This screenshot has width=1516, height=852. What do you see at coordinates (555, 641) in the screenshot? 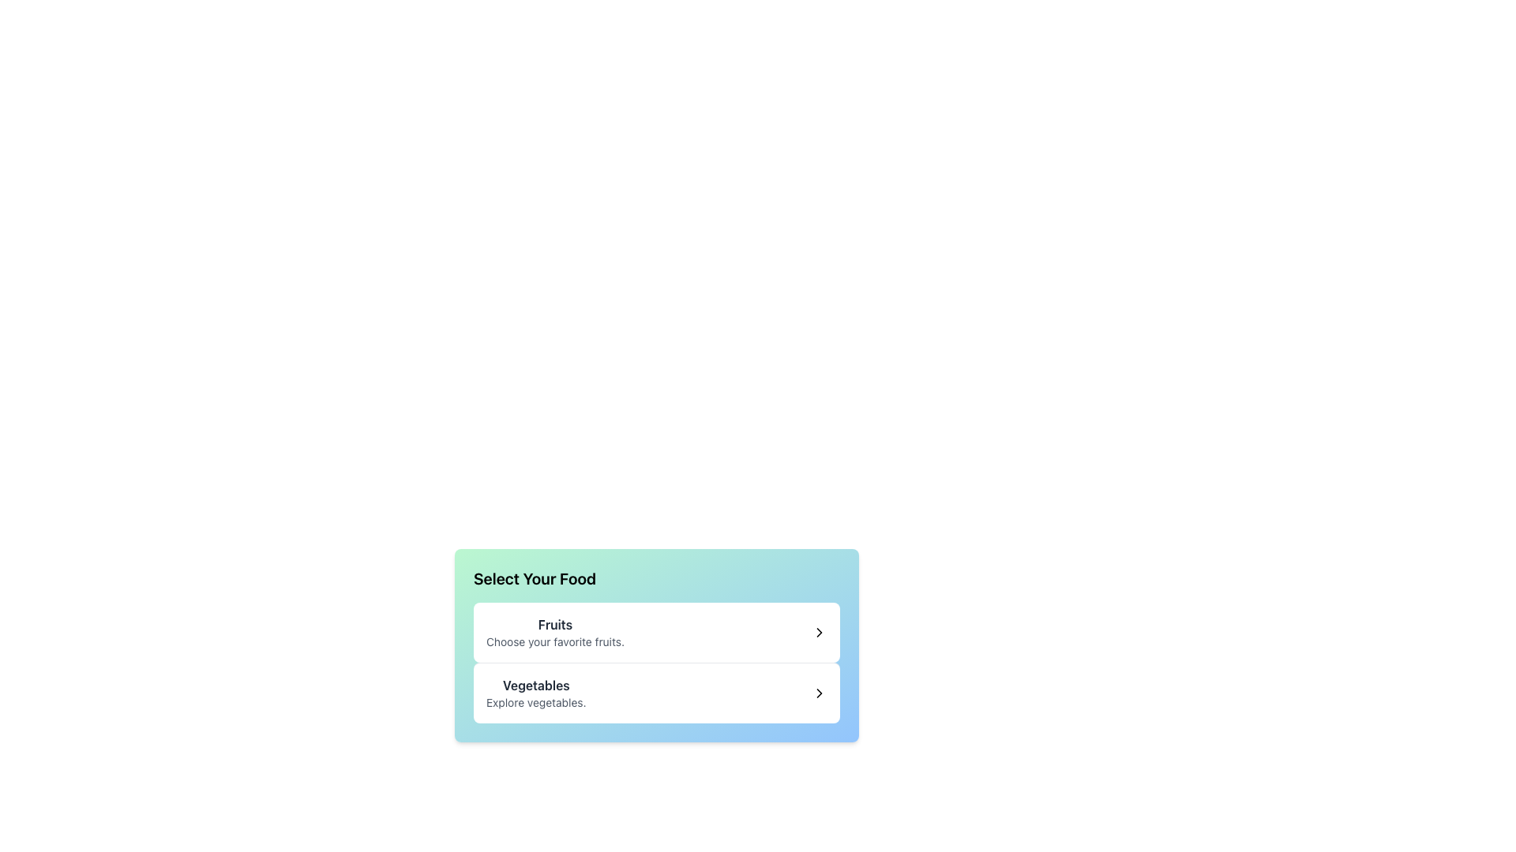
I see `the static text providing explanatory information about the 'Fruits' label in the 'Select Your Food' section` at bounding box center [555, 641].